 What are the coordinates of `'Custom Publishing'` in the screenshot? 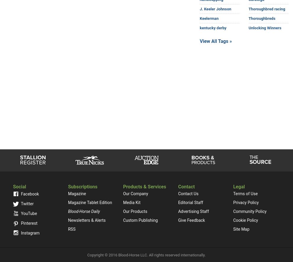 It's located at (140, 220).